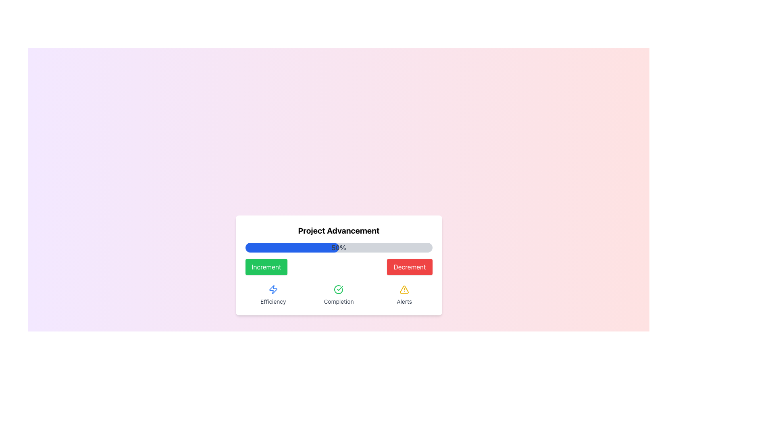  I want to click on the rectangular green button labeled 'Increment', so click(266, 267).